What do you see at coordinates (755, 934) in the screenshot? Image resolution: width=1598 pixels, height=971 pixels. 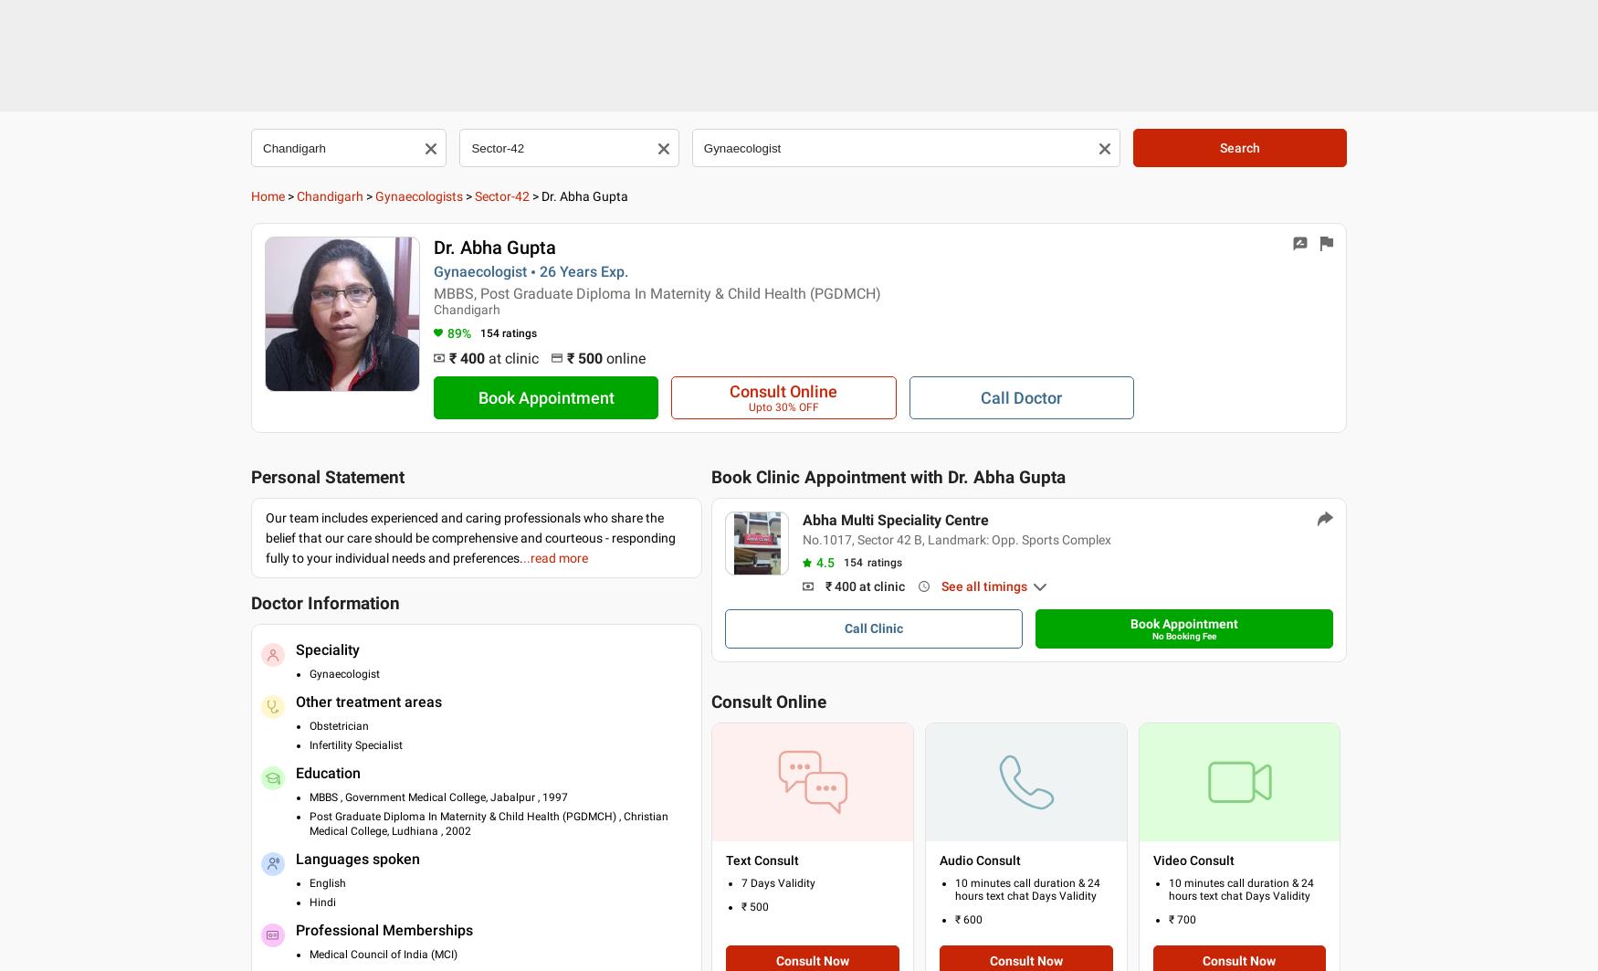 I see `'Health Tips'` at bounding box center [755, 934].